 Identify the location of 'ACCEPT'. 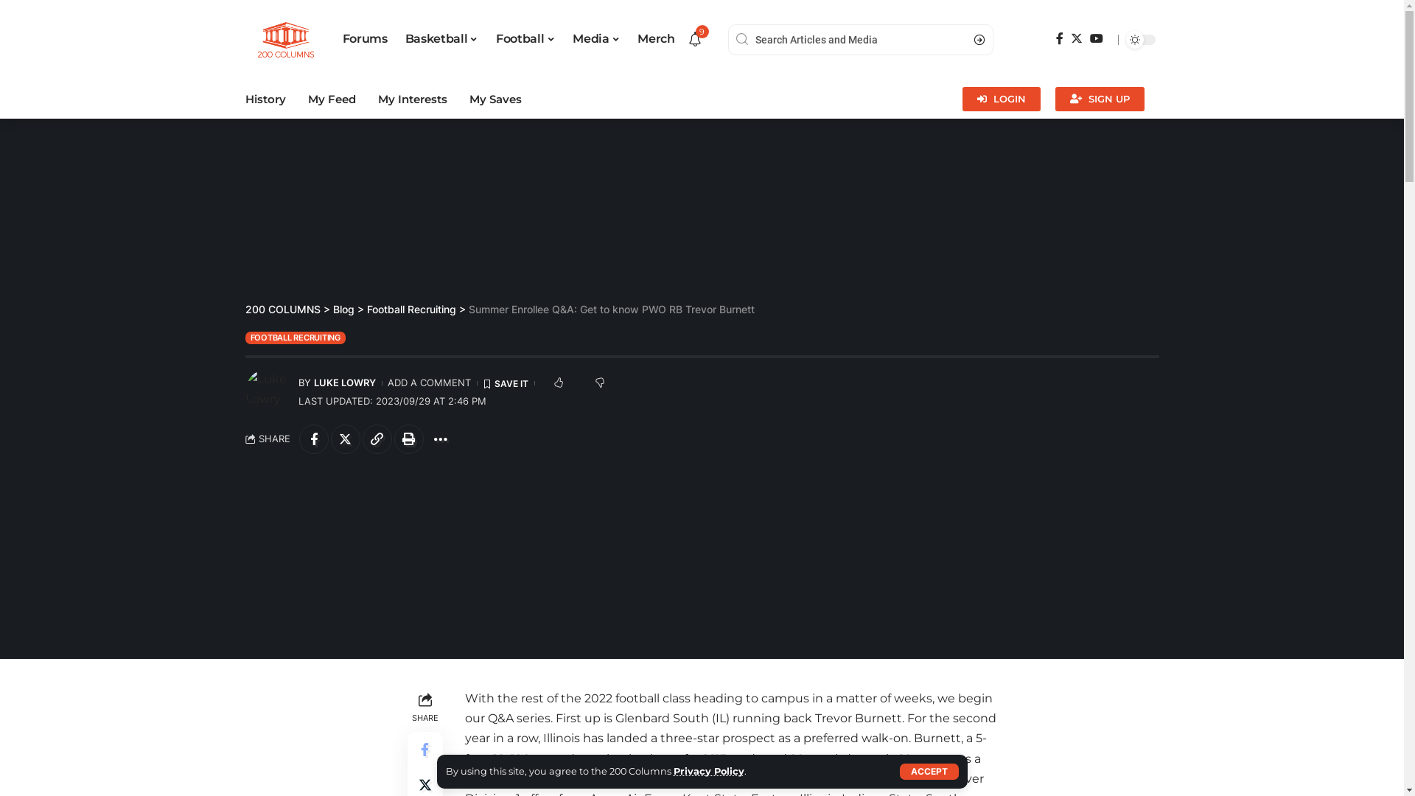
(927, 770).